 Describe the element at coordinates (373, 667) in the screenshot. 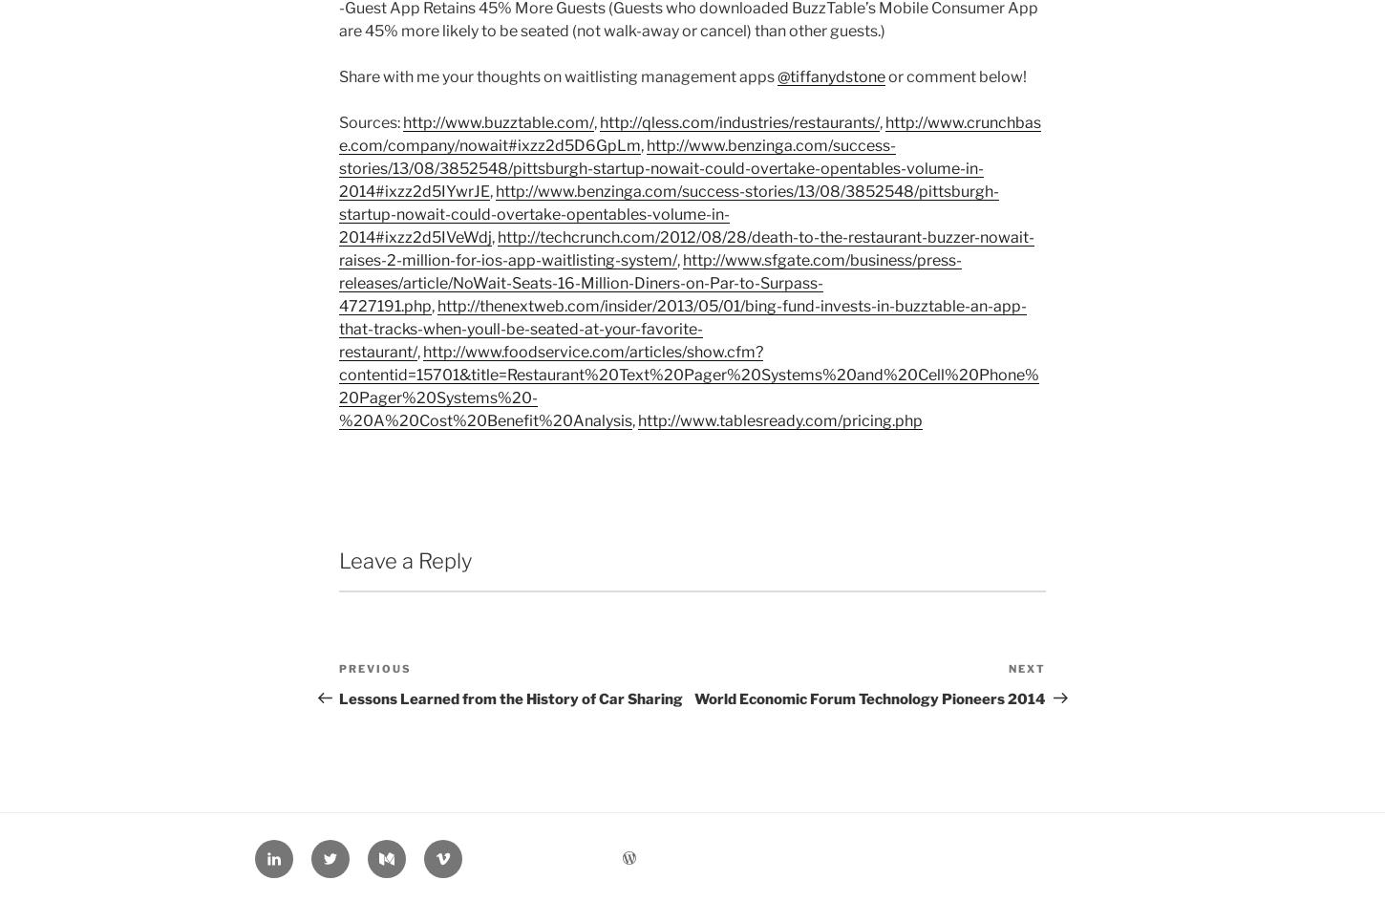

I see `'Previous'` at that location.